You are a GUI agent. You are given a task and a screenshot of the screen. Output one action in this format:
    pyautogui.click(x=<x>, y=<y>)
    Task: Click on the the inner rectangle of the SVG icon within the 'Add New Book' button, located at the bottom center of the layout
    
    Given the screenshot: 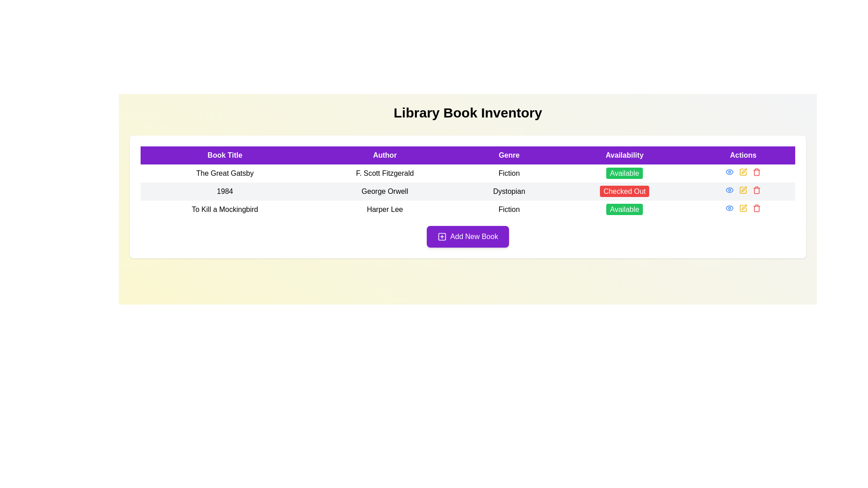 What is the action you would take?
    pyautogui.click(x=442, y=236)
    